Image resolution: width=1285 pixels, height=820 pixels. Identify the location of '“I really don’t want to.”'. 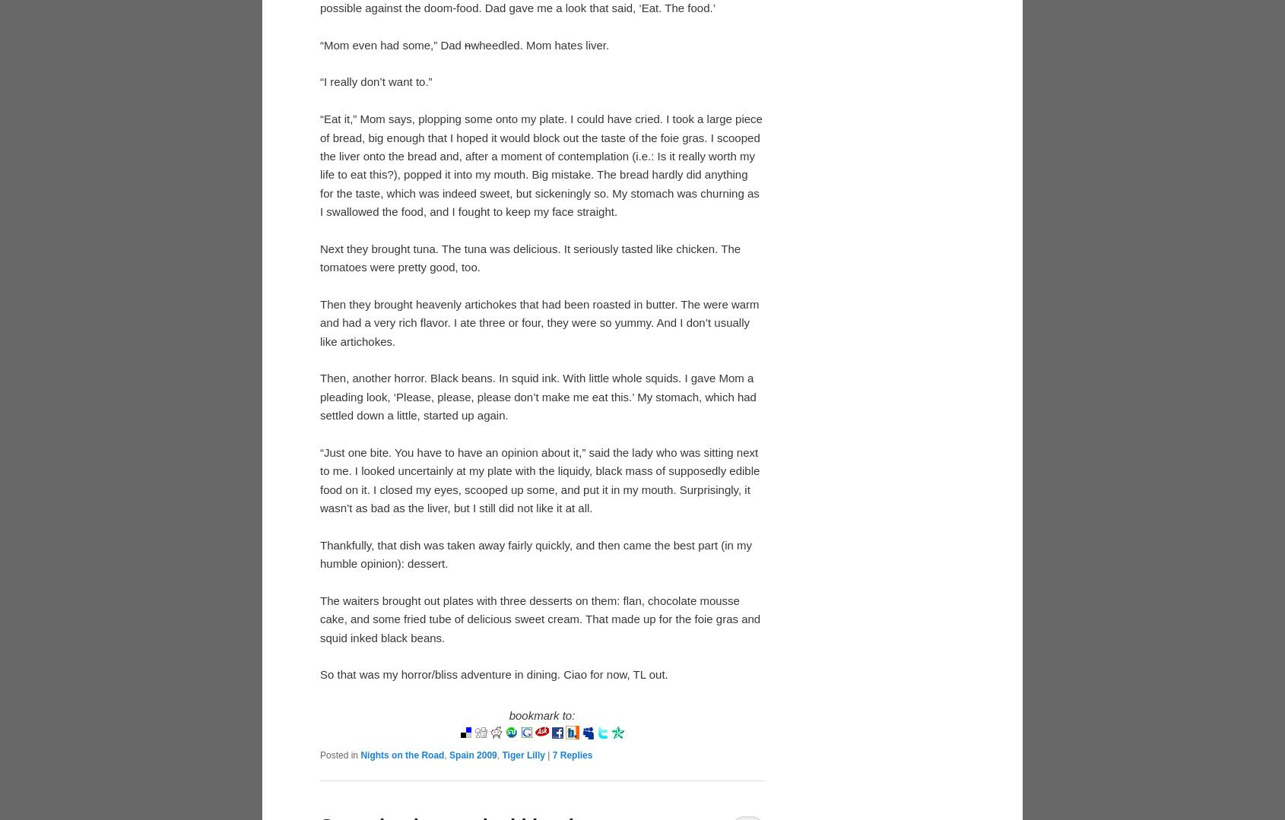
(376, 81).